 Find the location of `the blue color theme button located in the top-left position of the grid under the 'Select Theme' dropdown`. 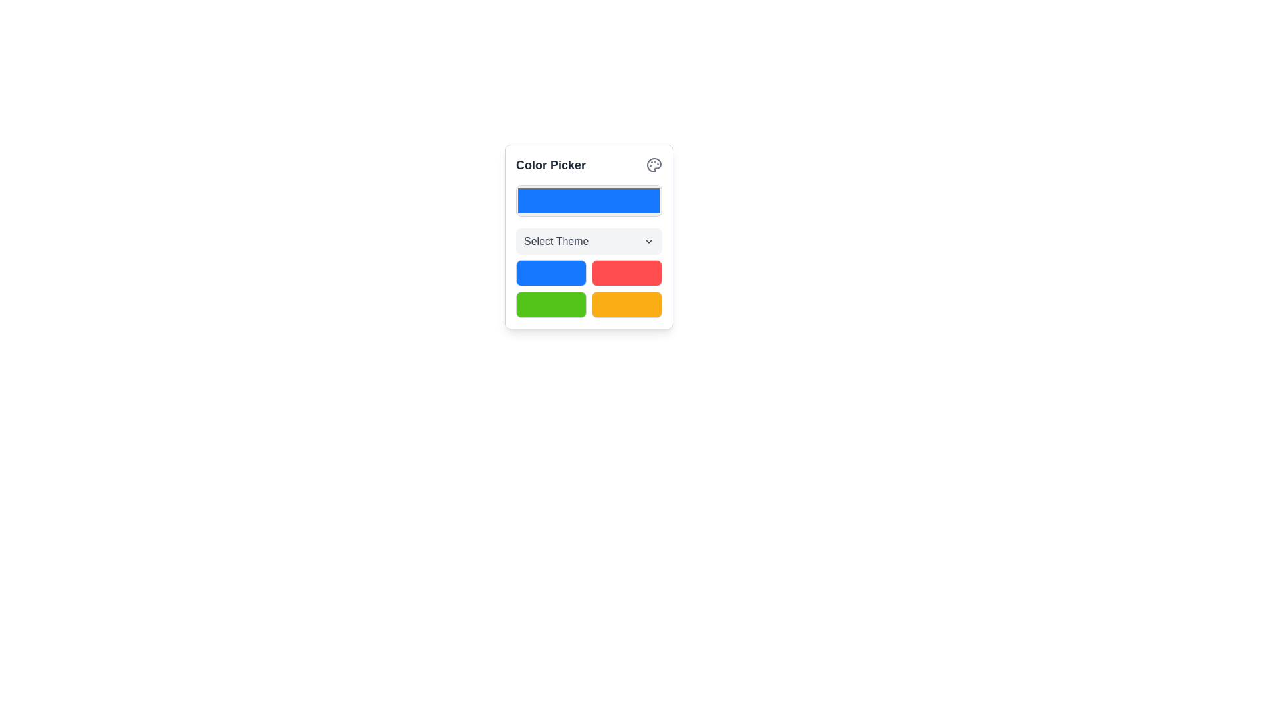

the blue color theme button located in the top-left position of the grid under the 'Select Theme' dropdown is located at coordinates (551, 273).